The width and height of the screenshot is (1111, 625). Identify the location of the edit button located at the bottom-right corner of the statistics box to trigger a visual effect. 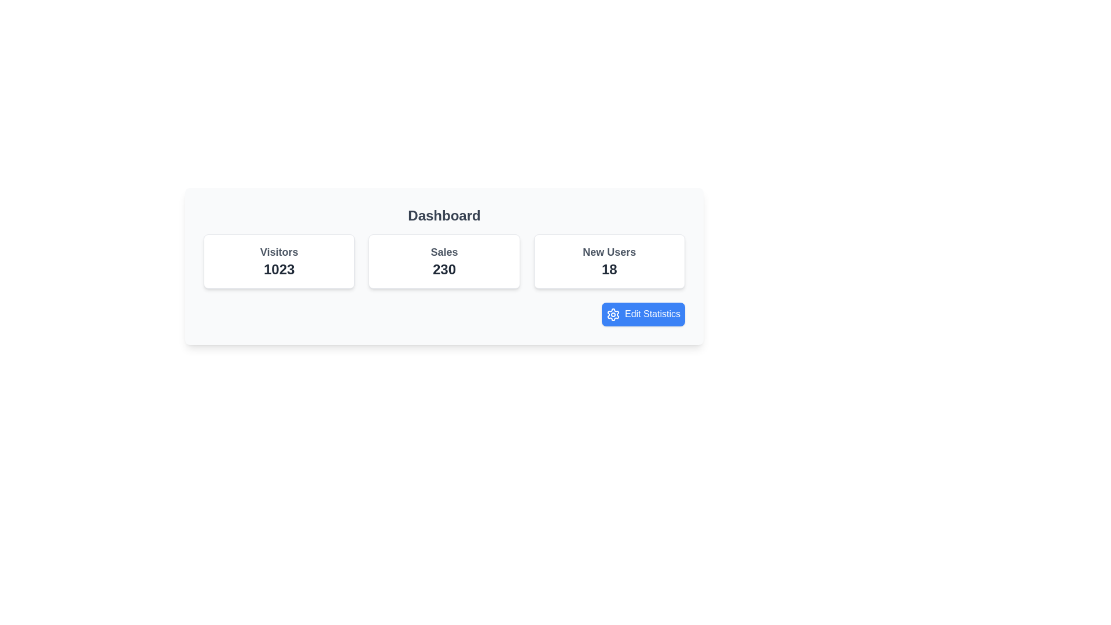
(642, 314).